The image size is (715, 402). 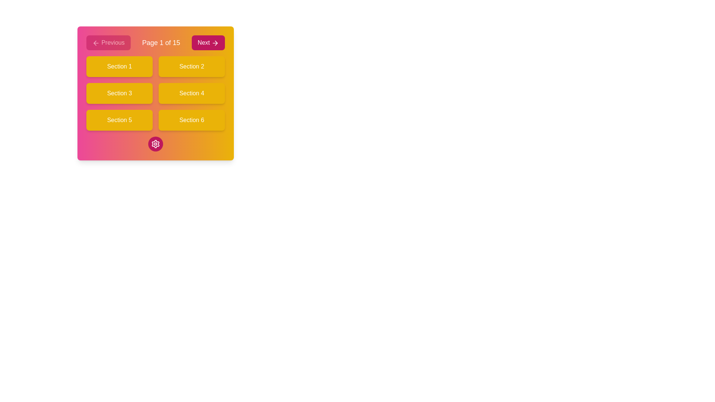 What do you see at coordinates (214, 43) in the screenshot?
I see `the right-facing arrow icon located within the 'Next' button at the top-right of the primary card interface` at bounding box center [214, 43].